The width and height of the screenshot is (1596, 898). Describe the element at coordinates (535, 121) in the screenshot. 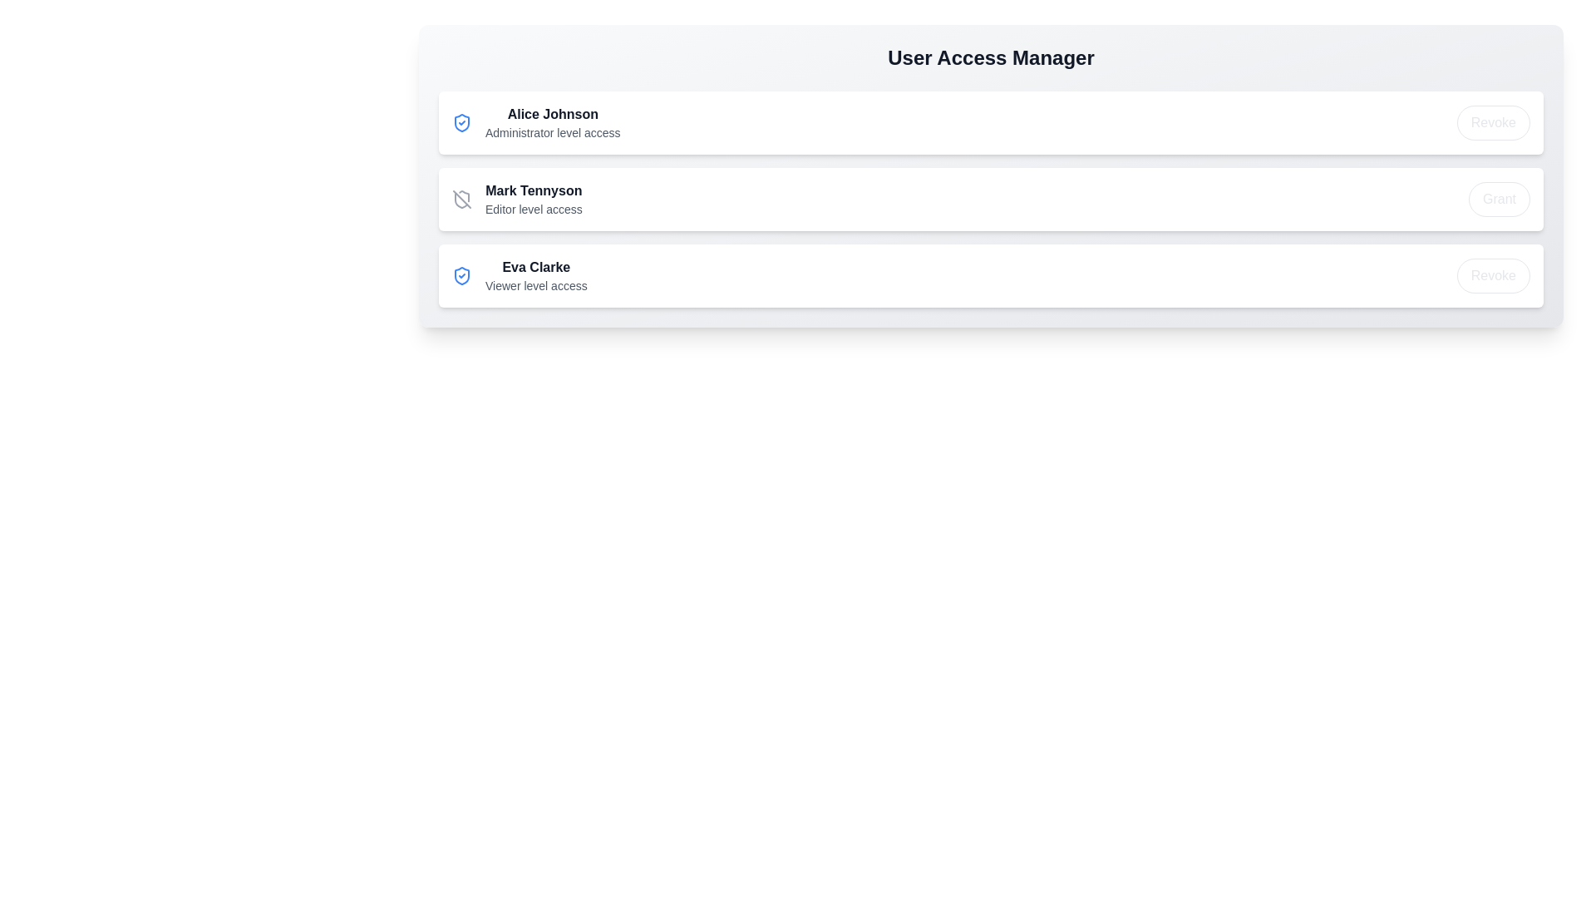

I see `the user element to view detailed information` at that location.